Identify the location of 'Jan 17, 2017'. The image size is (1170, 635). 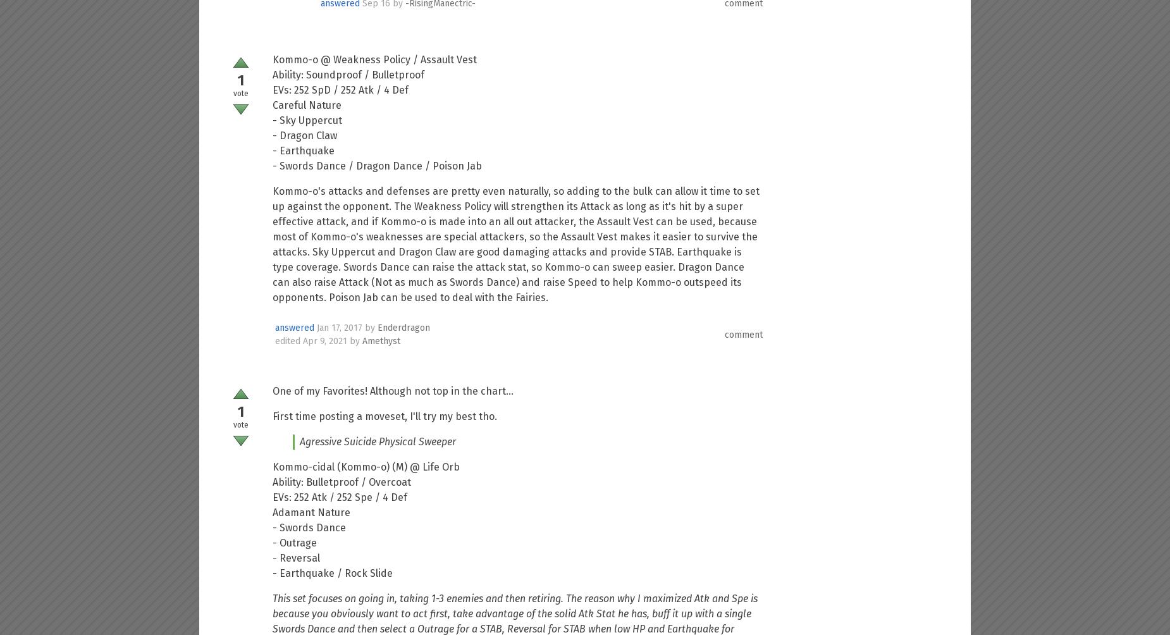
(340, 328).